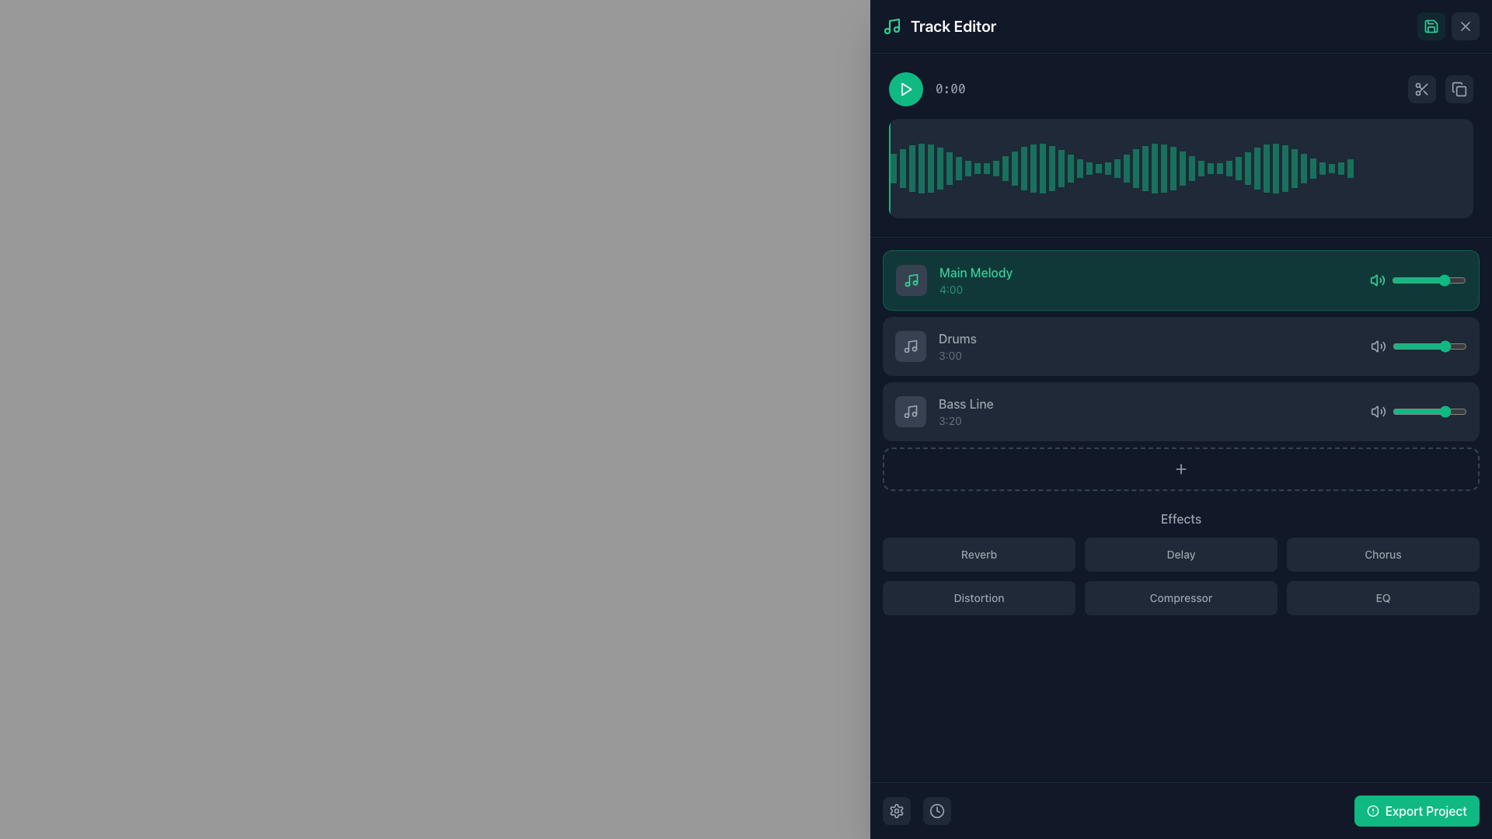  I want to click on the slider value, so click(1446, 280).